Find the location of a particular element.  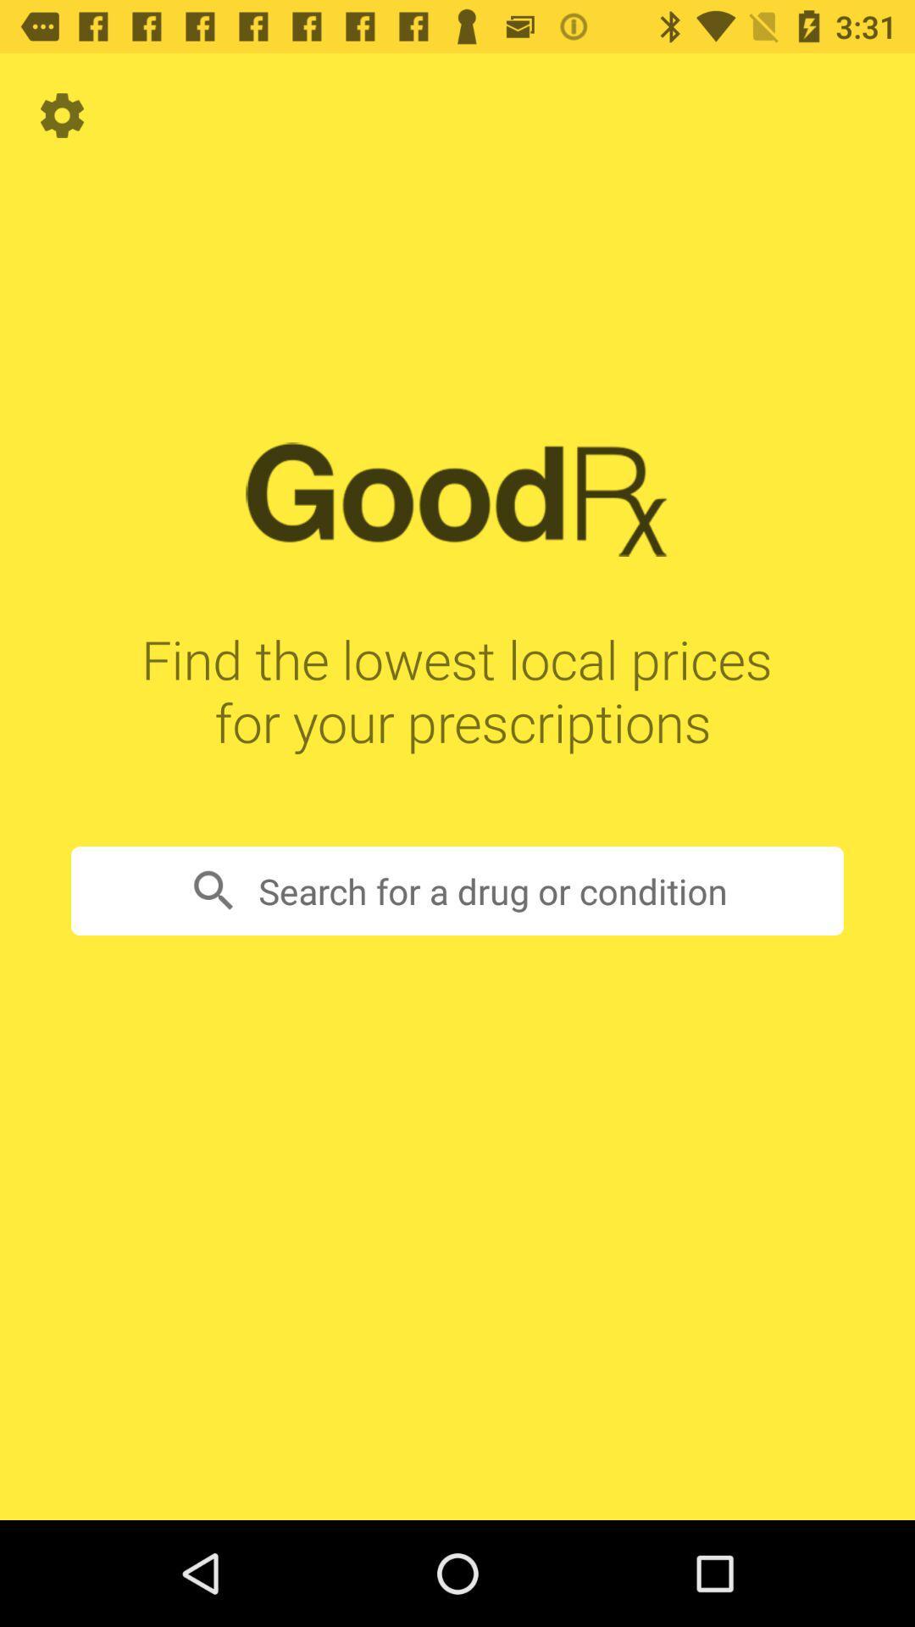

item at the top left corner is located at coordinates (61, 114).